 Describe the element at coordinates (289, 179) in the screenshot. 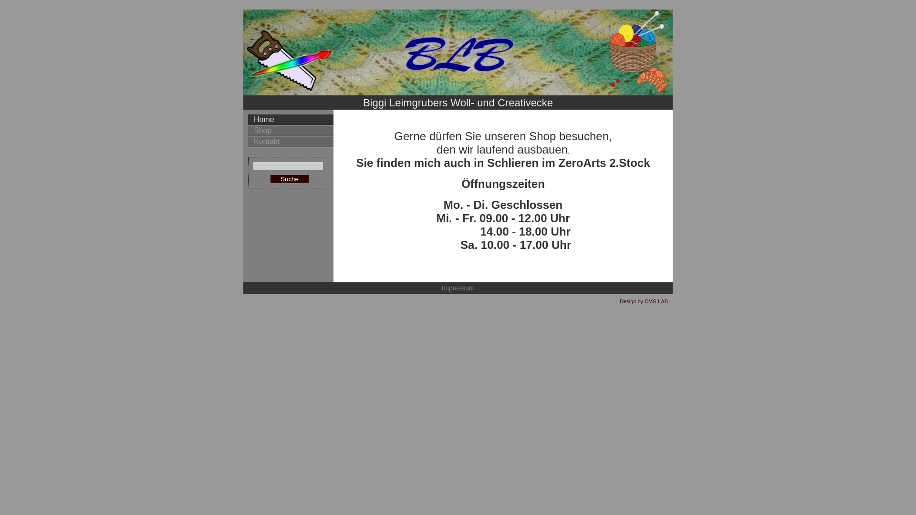

I see `'Suche'` at that location.